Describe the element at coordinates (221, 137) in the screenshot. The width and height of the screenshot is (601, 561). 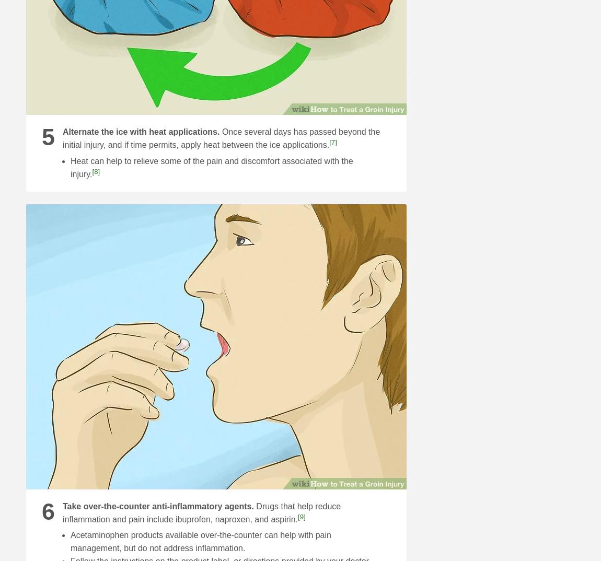
I see `'Once several days has passed beyond the initial injury, and if time permits, apply heat between the ice applications.'` at that location.